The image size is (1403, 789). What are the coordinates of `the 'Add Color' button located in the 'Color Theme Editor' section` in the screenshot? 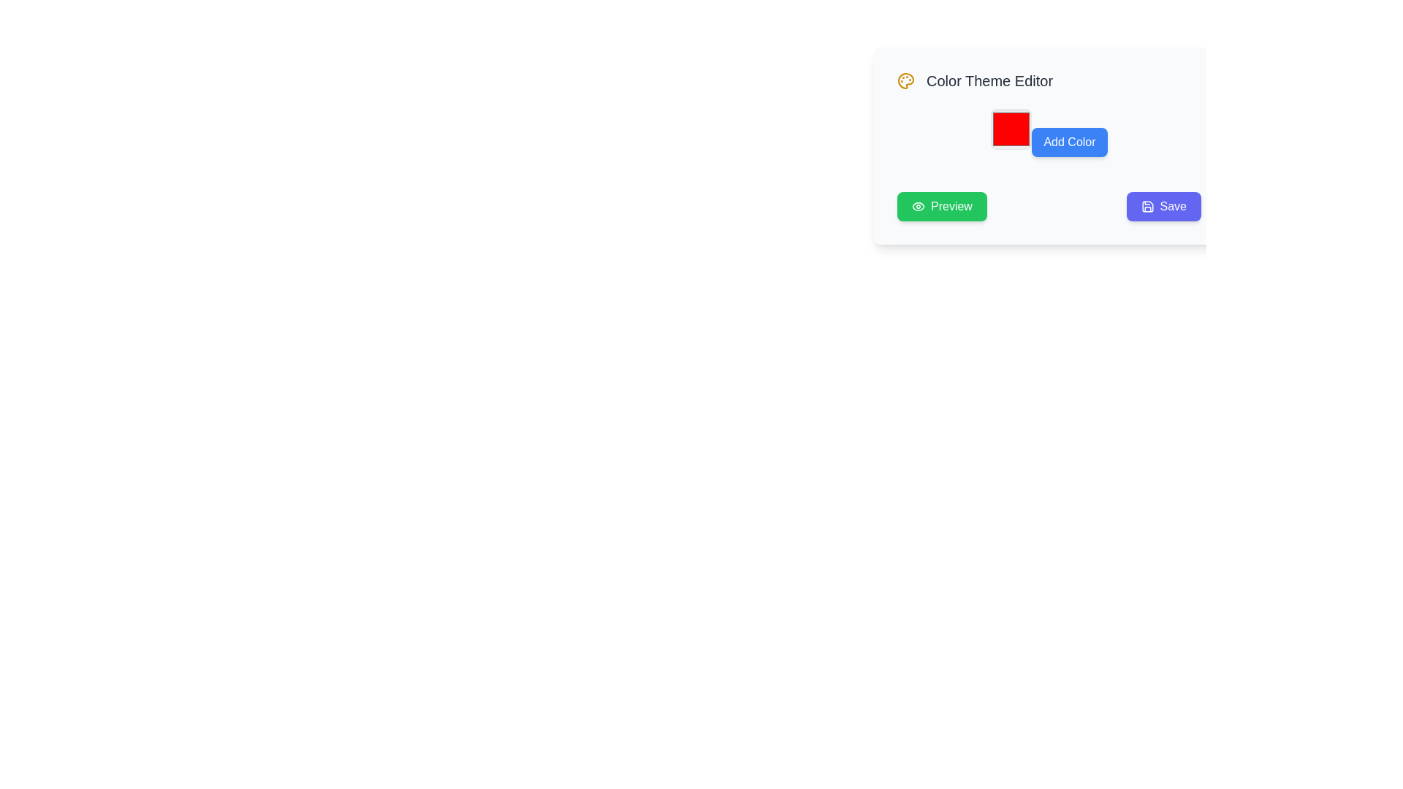 It's located at (1048, 132).